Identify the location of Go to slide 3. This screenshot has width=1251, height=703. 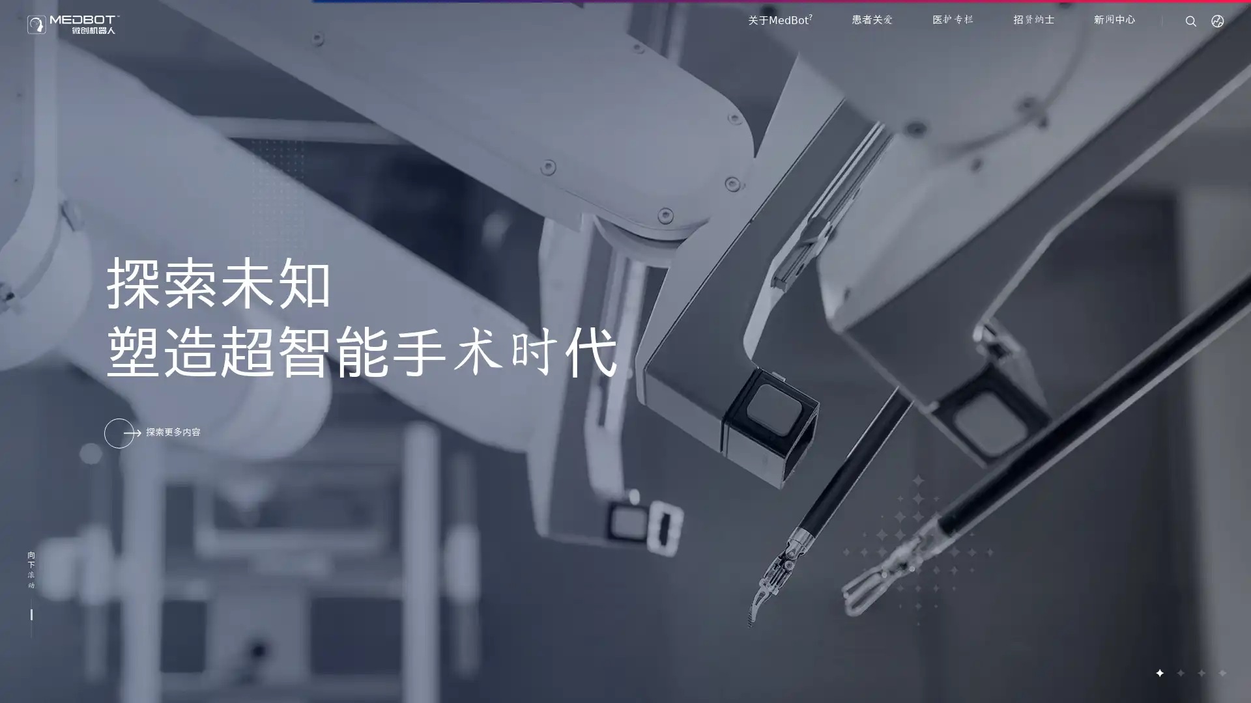
(1200, 672).